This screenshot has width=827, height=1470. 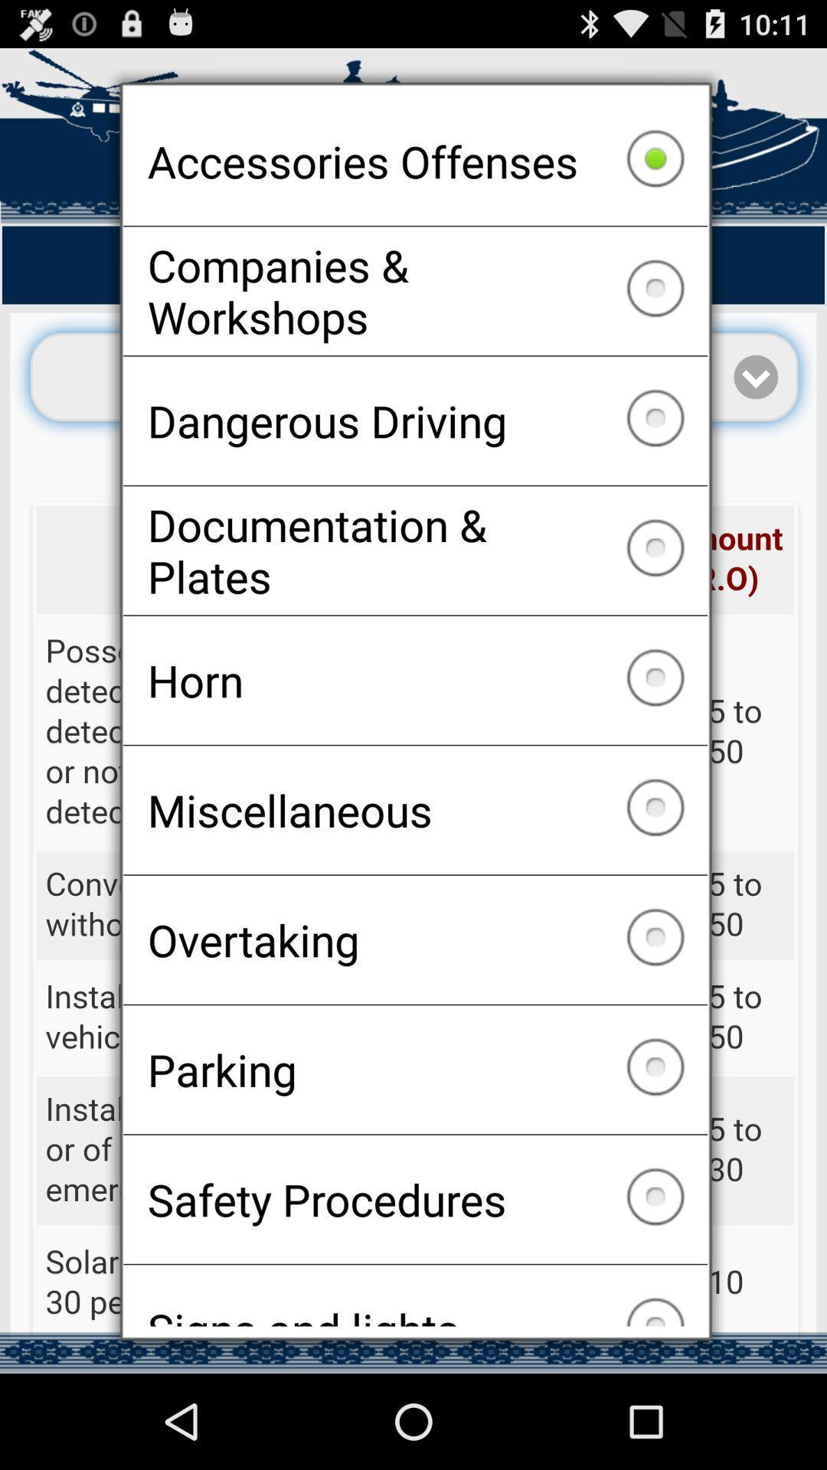 What do you see at coordinates (415, 809) in the screenshot?
I see `icon above overtaking checkbox` at bounding box center [415, 809].